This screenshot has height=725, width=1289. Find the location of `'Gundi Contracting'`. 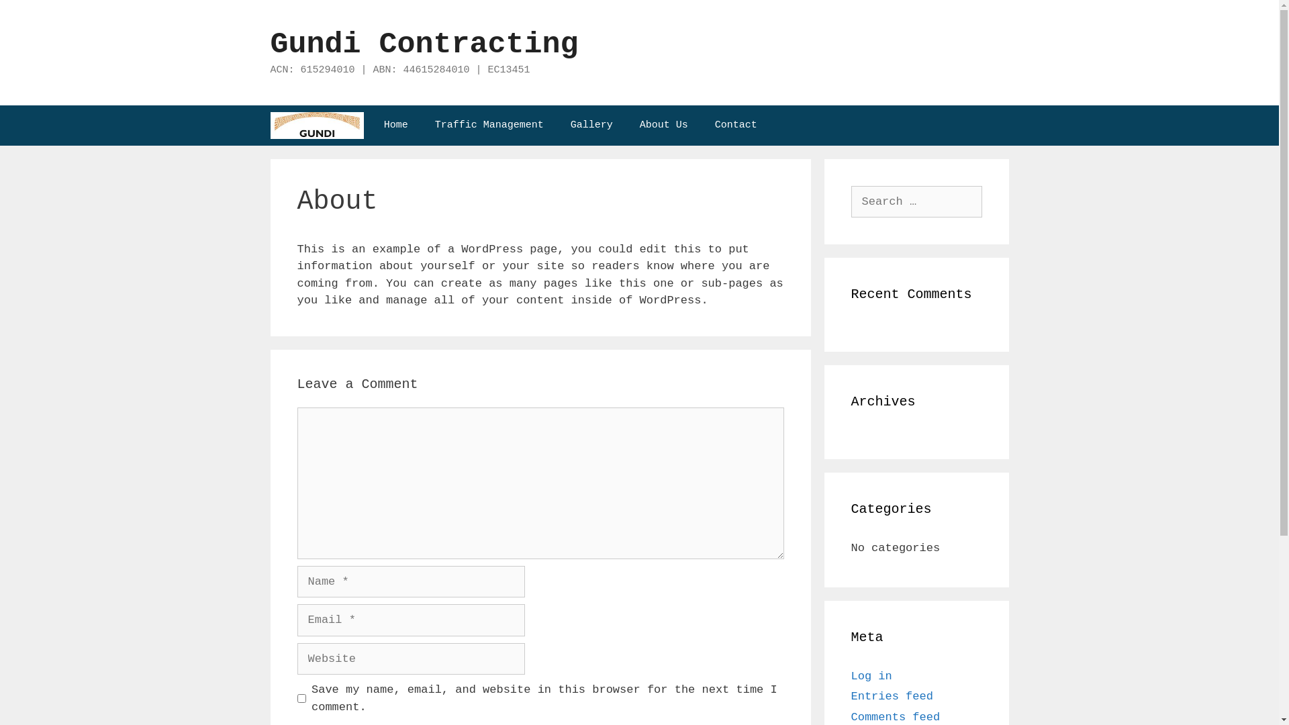

'Gundi Contracting' is located at coordinates (423, 44).